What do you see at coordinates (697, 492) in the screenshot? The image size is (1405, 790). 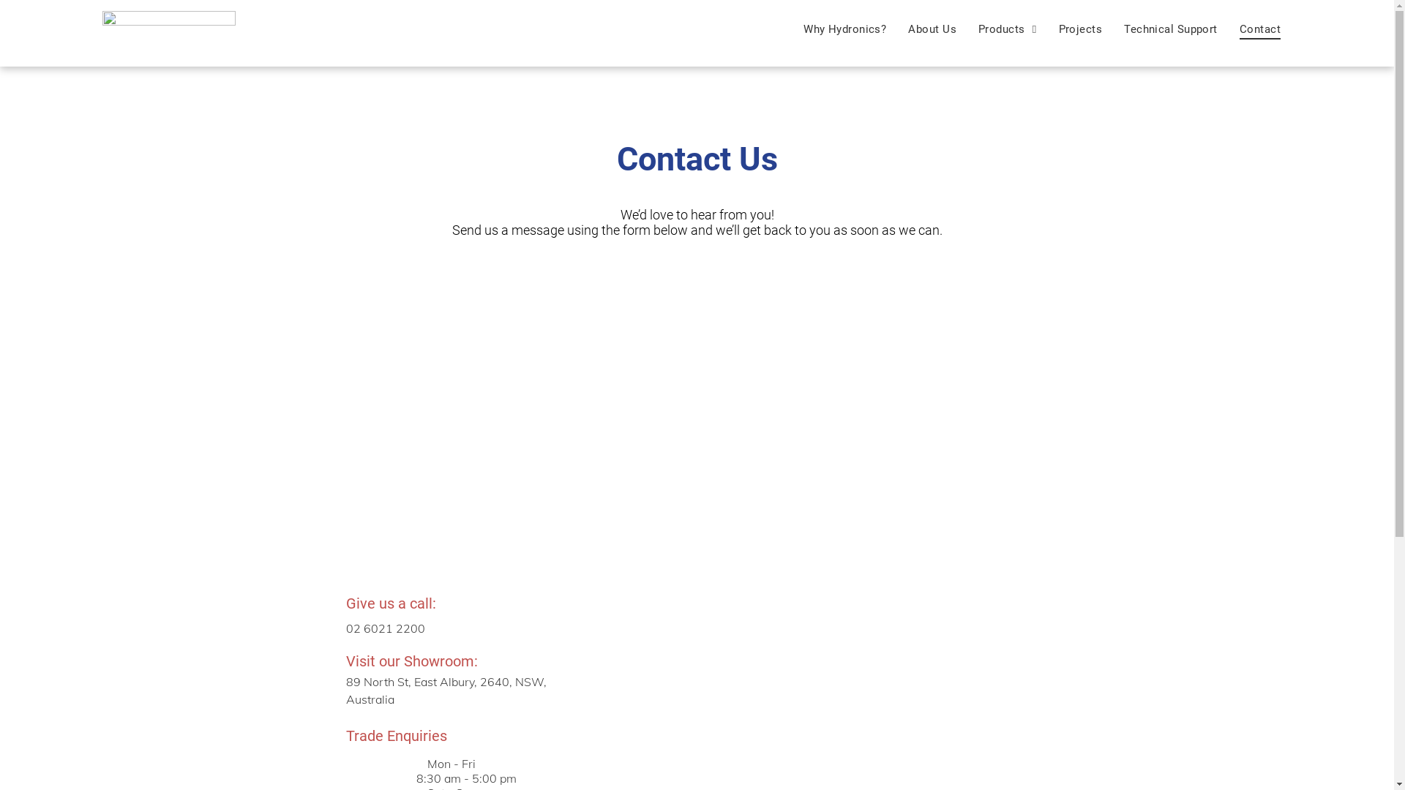 I see `'Submit'` at bounding box center [697, 492].